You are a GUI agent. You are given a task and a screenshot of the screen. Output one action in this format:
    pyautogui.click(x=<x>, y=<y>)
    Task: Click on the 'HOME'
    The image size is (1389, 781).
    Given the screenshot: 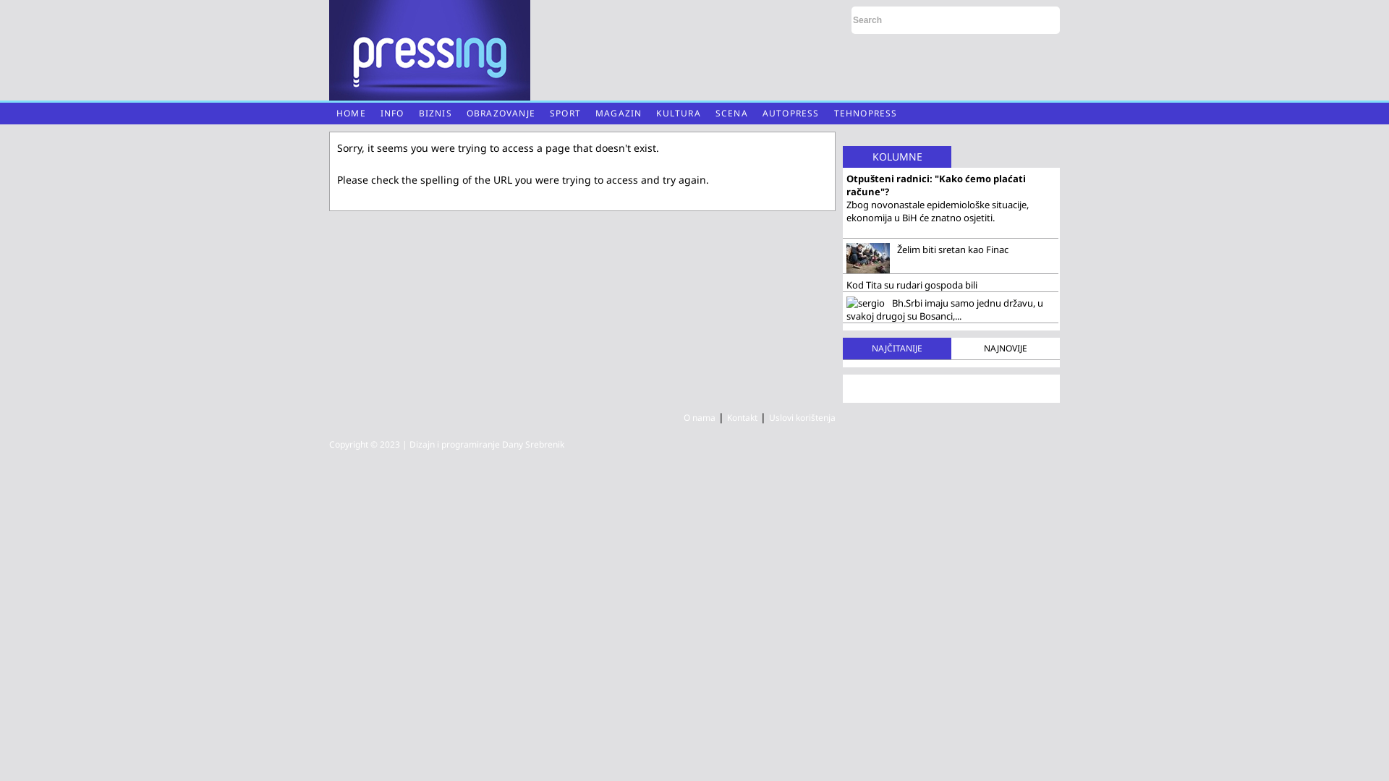 What is the action you would take?
    pyautogui.click(x=351, y=113)
    